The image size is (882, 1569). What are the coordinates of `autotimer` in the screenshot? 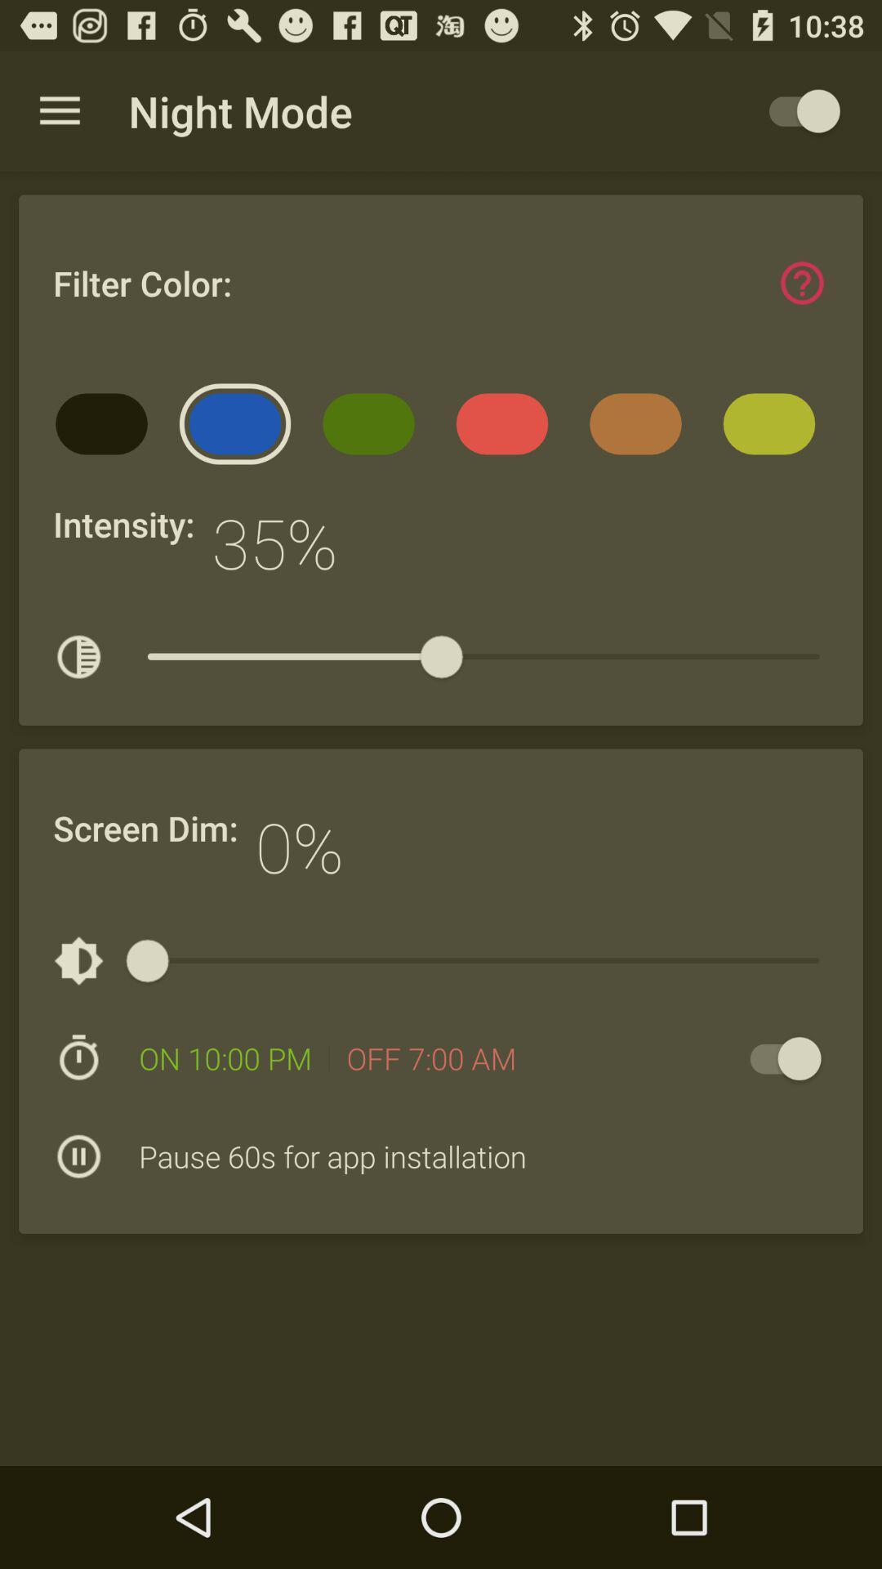 It's located at (777, 1058).